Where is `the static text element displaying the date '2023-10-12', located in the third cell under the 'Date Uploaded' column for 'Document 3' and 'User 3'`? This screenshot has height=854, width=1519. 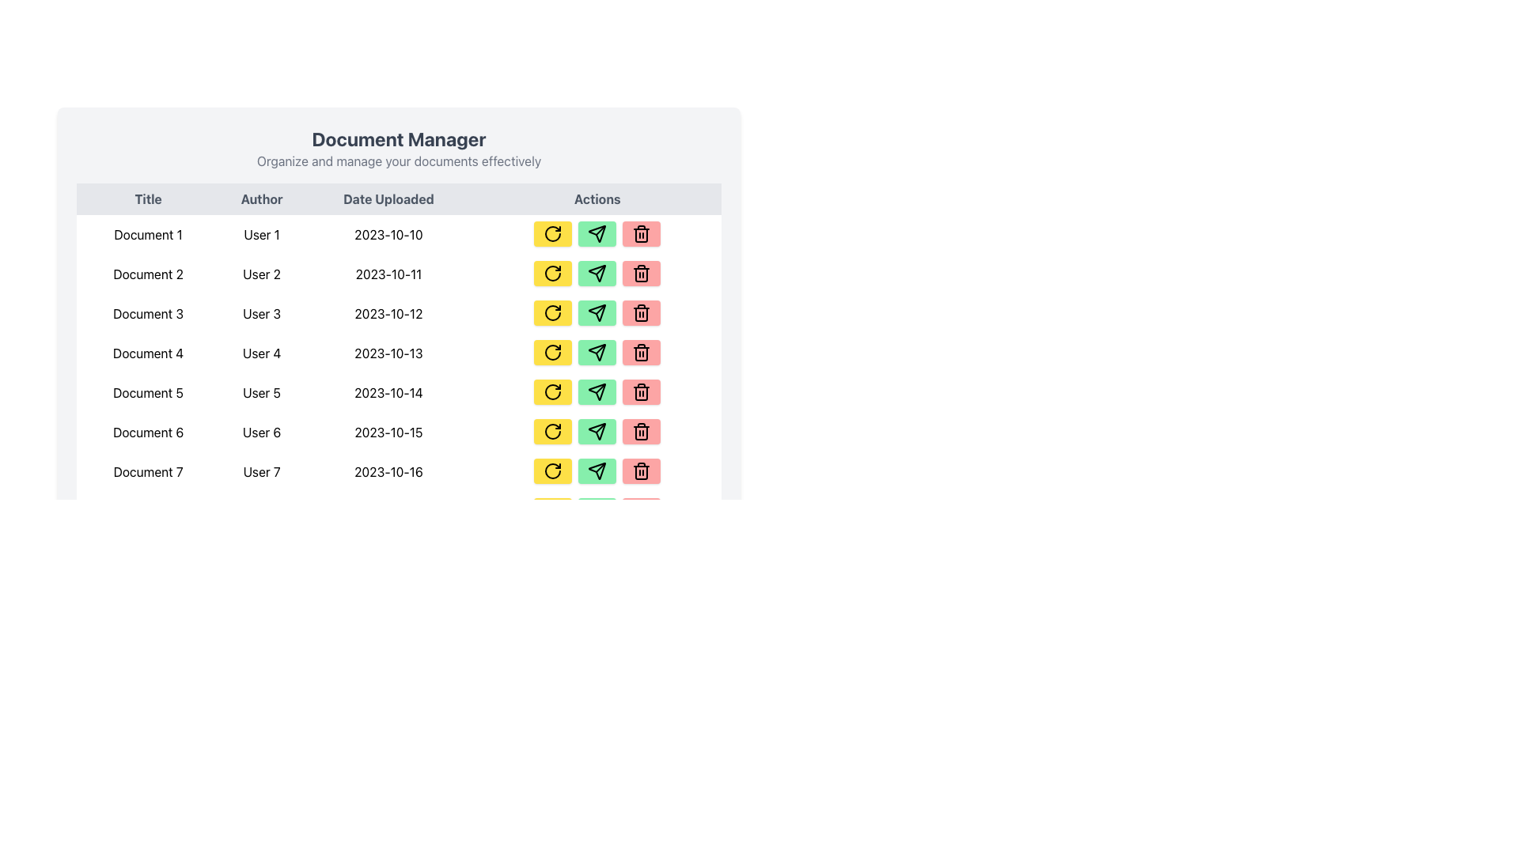 the static text element displaying the date '2023-10-12', located in the third cell under the 'Date Uploaded' column for 'Document 3' and 'User 3' is located at coordinates (388, 314).